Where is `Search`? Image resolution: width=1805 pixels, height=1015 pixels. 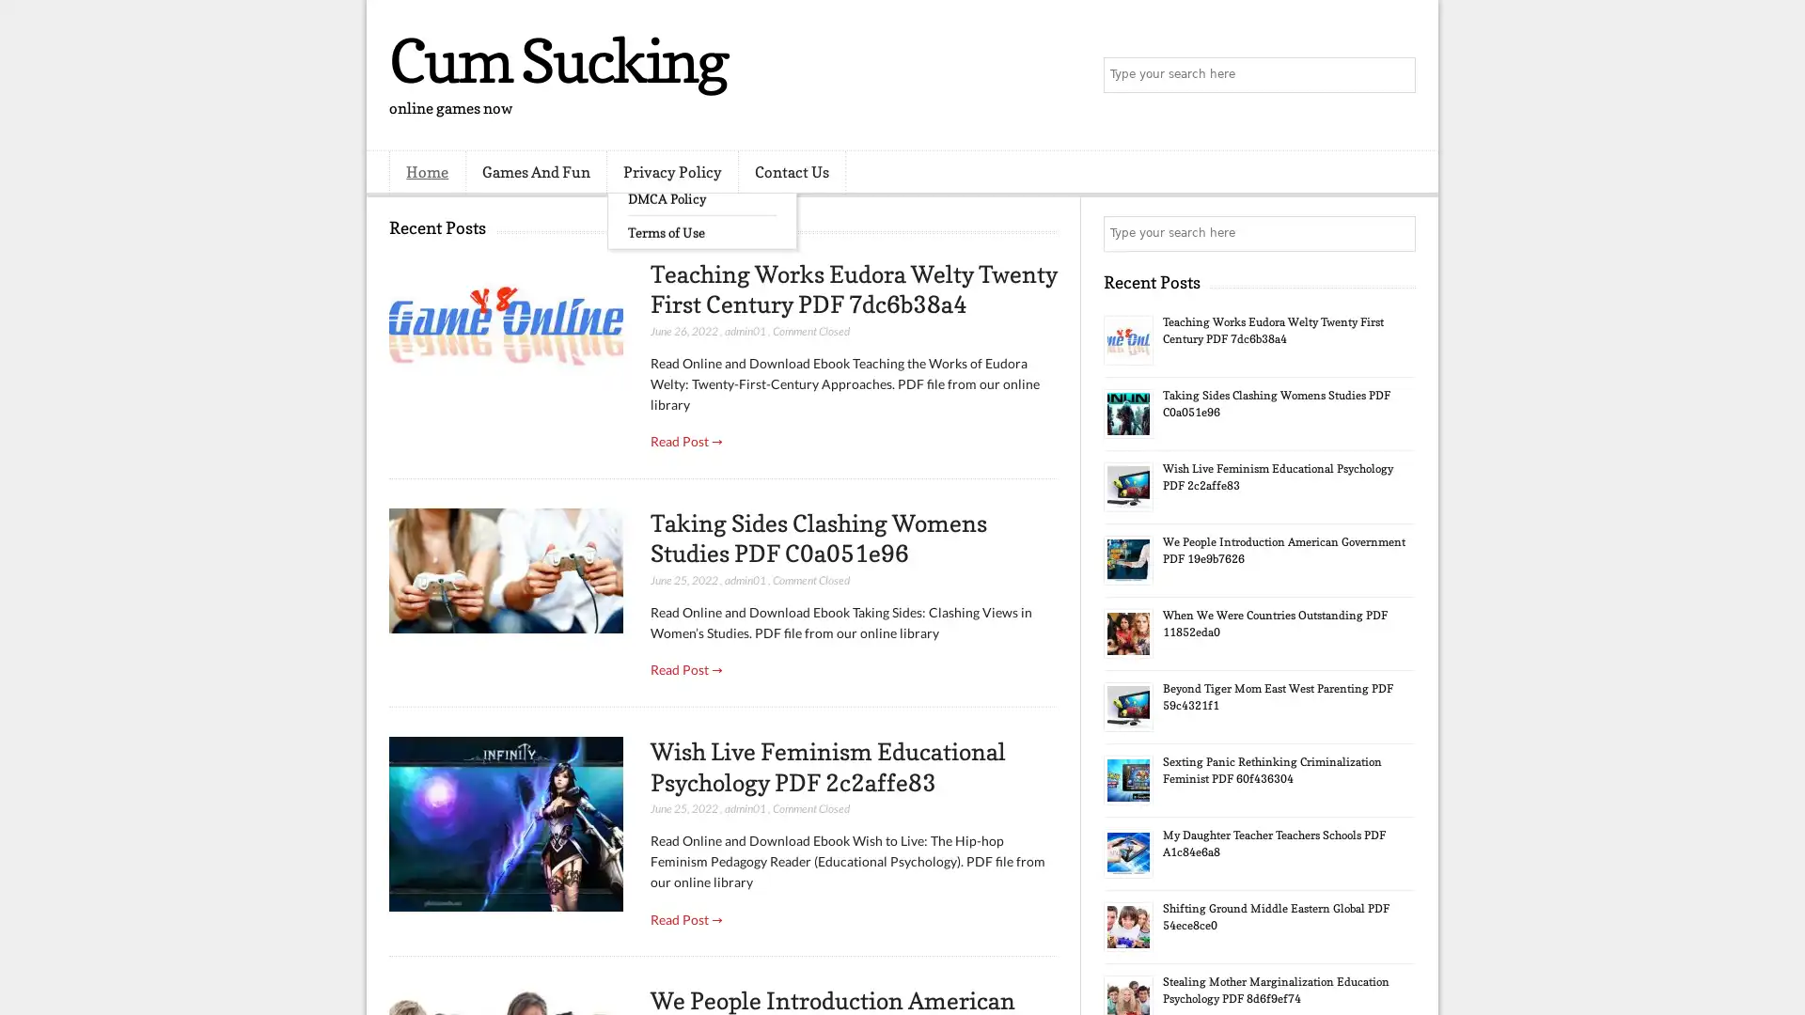 Search is located at coordinates (1396, 75).